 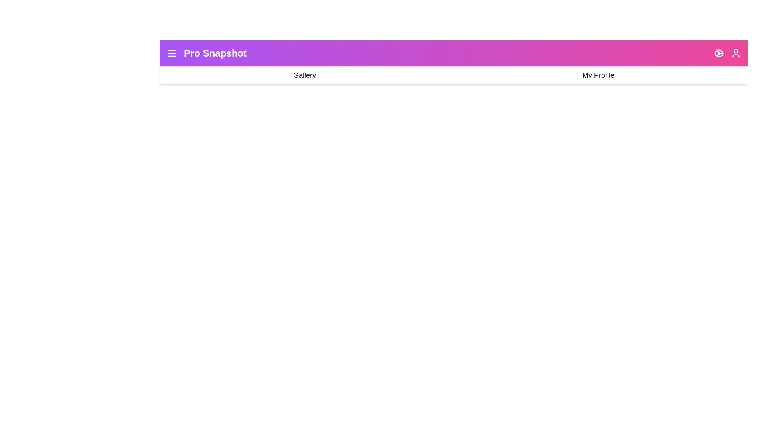 What do you see at coordinates (215, 53) in the screenshot?
I see `the title text 'Pro Snapshot'` at bounding box center [215, 53].